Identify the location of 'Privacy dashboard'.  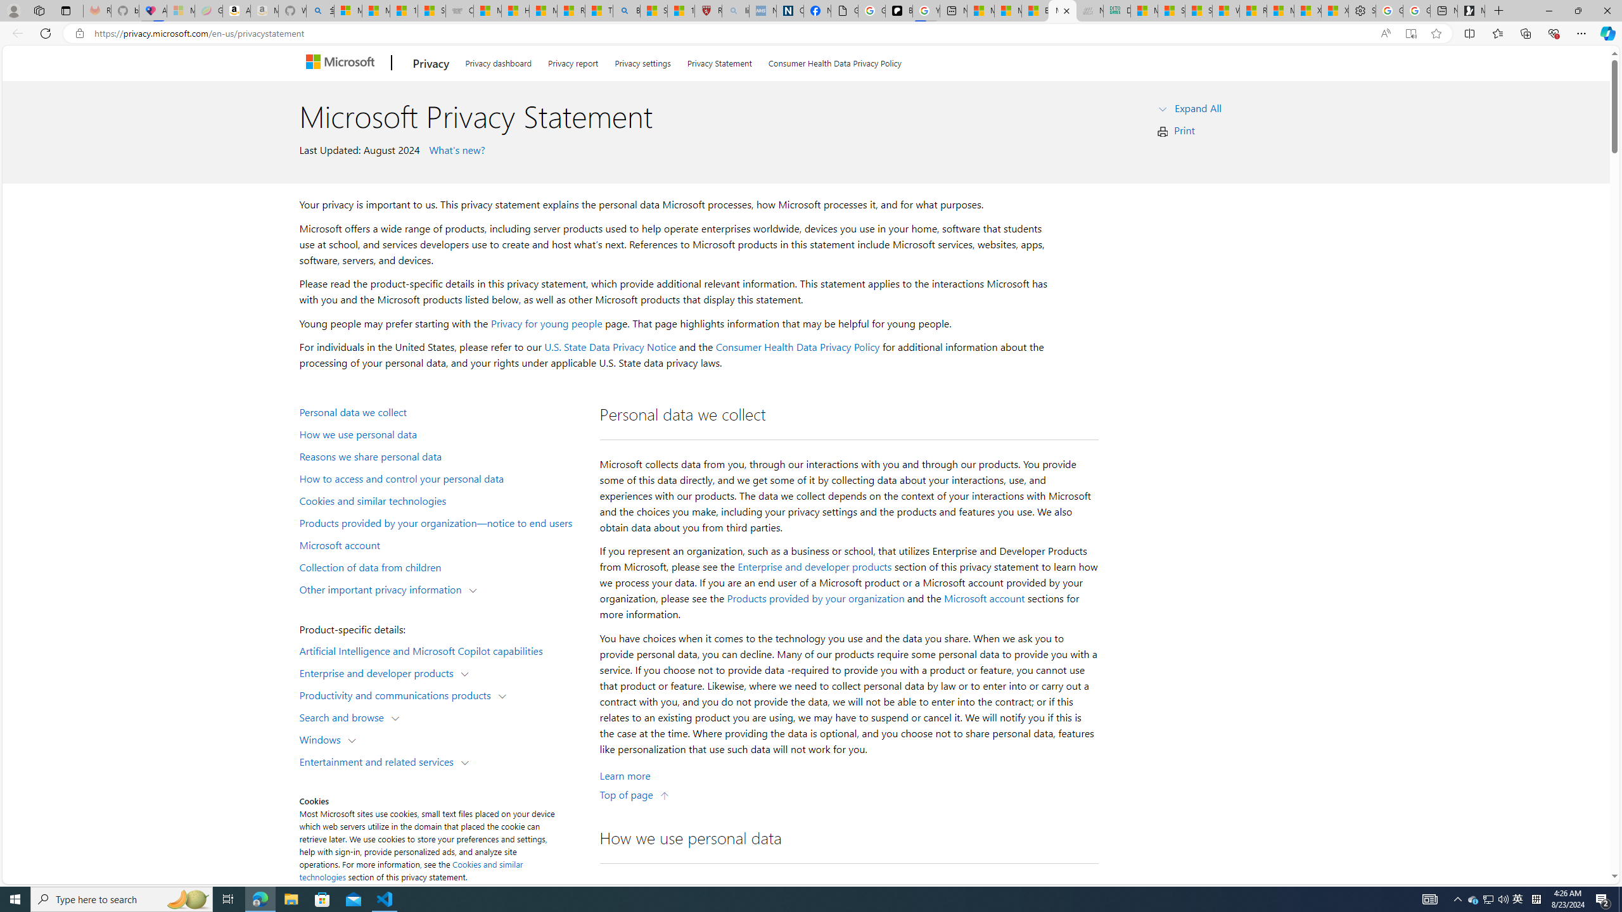
(498, 60).